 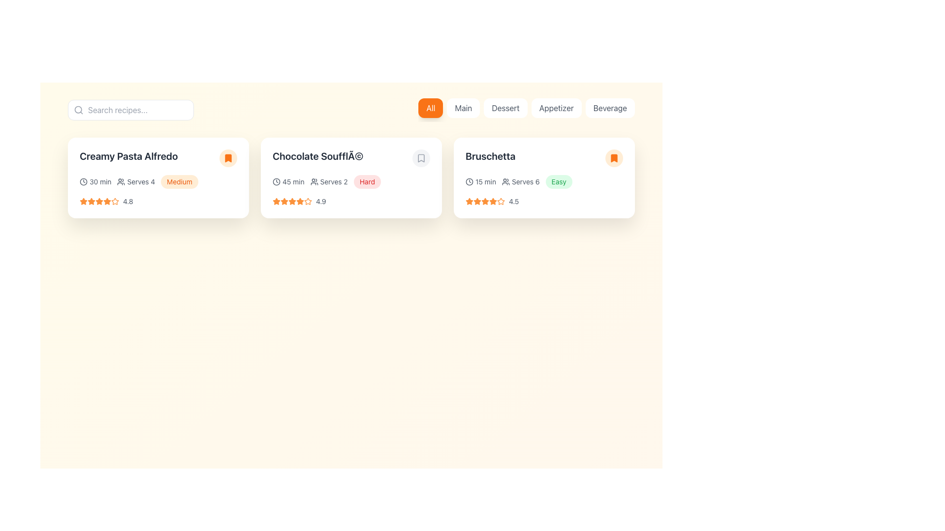 I want to click on the recipe card titled 'Bruschetta' which is the third card in the first row, so click(x=543, y=178).